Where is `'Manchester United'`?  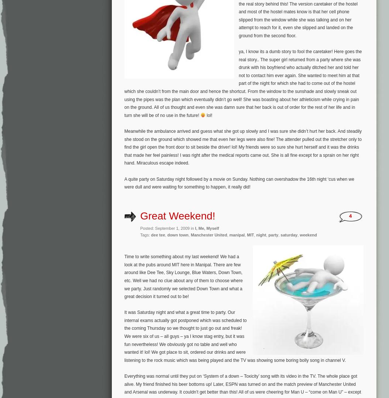
'Manchester United' is located at coordinates (190, 234).